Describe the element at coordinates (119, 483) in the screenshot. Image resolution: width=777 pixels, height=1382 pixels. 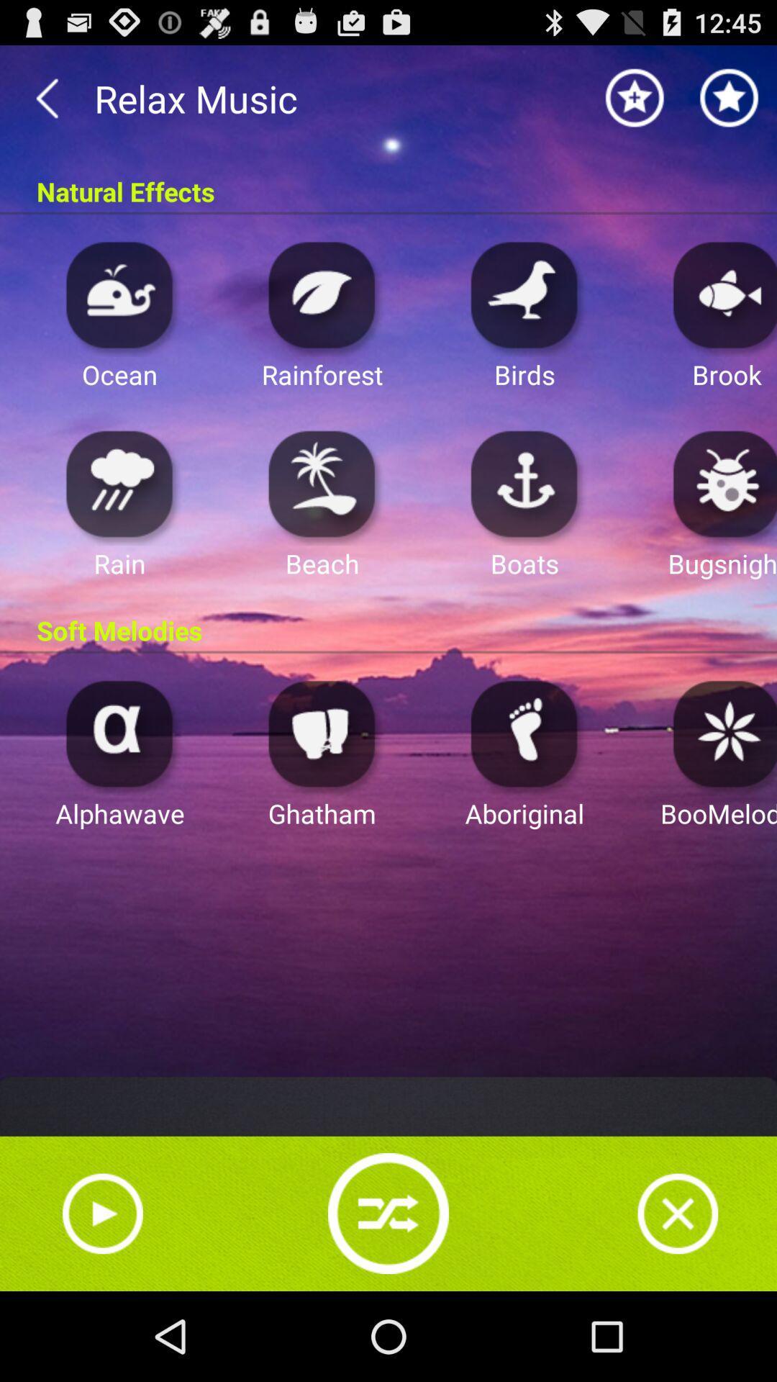
I see `rain effect` at that location.